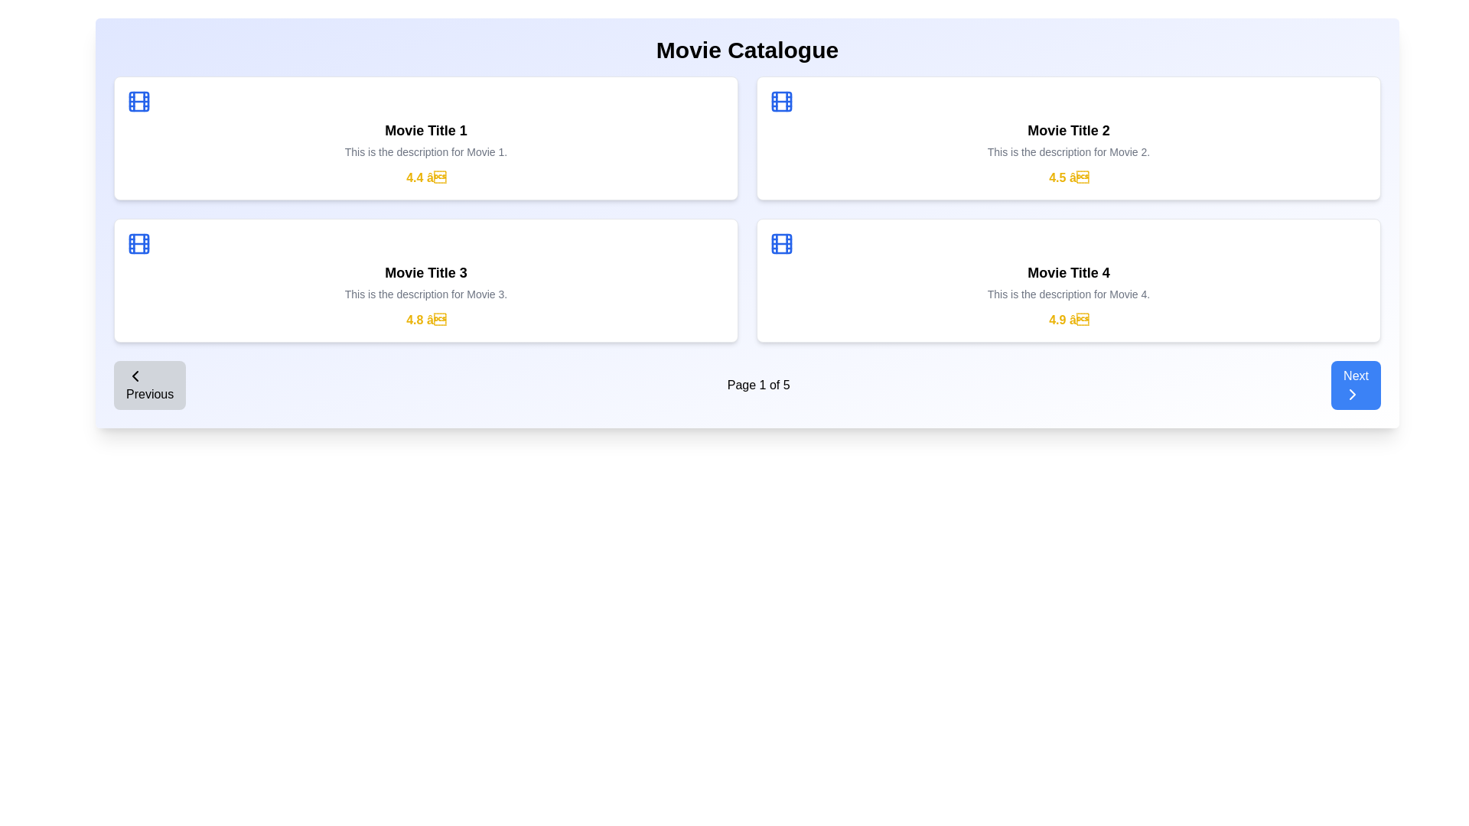 This screenshot has height=826, width=1469. What do you see at coordinates (425, 272) in the screenshot?
I see `text displayed in the bold title 'Movie Title 3' located in the lower-left section of a 2x2 grid of movie cards` at bounding box center [425, 272].